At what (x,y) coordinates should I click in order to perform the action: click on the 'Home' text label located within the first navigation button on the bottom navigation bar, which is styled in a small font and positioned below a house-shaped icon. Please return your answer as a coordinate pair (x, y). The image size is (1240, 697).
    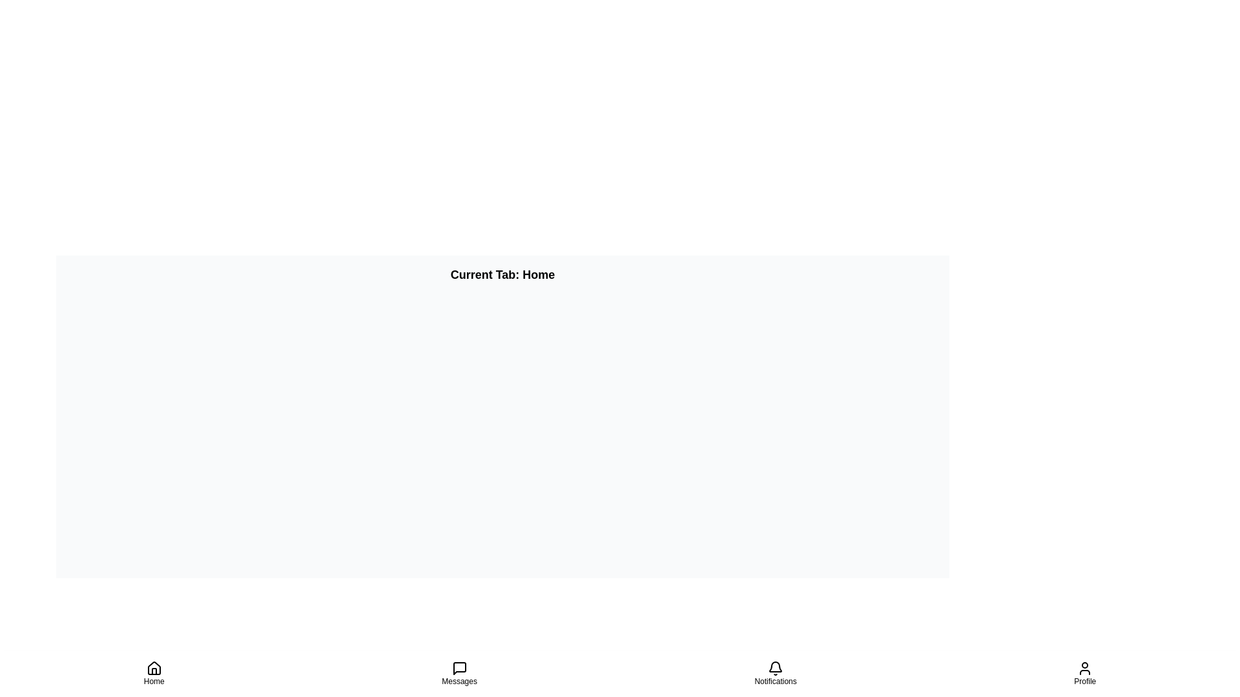
    Looking at the image, I should click on (154, 681).